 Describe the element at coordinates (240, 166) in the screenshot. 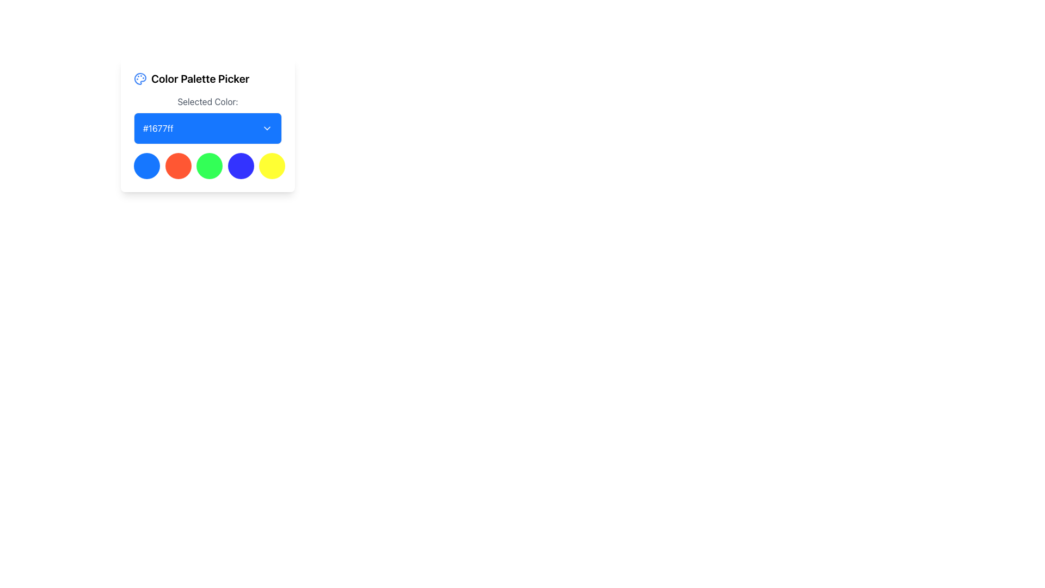

I see `the selectable color option button that changes the color setting to blue` at that location.